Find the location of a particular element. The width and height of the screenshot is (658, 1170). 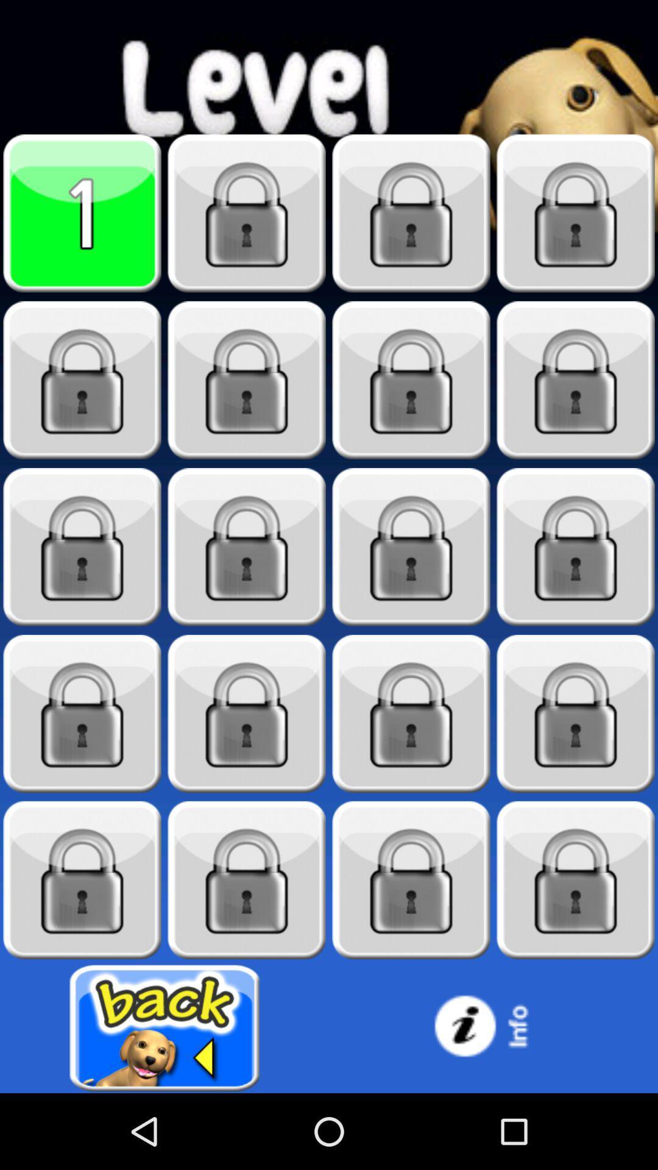

level locked icon is located at coordinates (82, 547).